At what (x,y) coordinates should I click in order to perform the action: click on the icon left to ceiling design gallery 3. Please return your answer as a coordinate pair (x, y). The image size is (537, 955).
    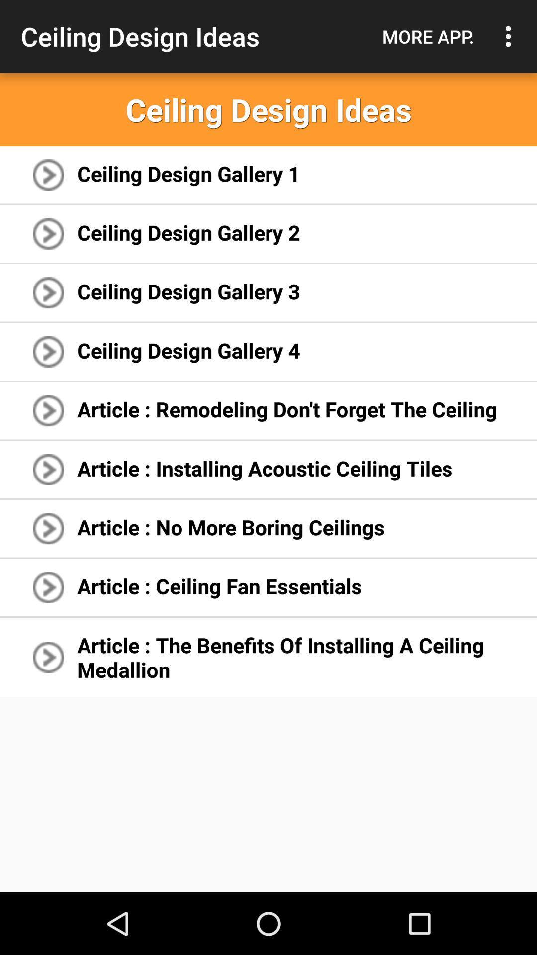
    Looking at the image, I should click on (48, 292).